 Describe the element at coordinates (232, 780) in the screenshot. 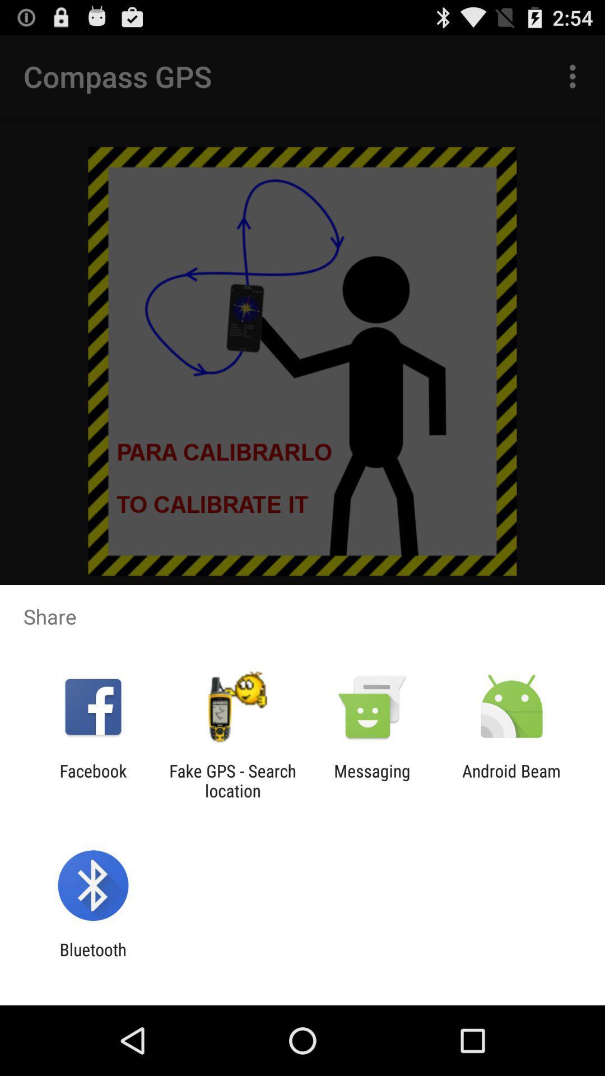

I see `the icon to the right of facebook item` at that location.